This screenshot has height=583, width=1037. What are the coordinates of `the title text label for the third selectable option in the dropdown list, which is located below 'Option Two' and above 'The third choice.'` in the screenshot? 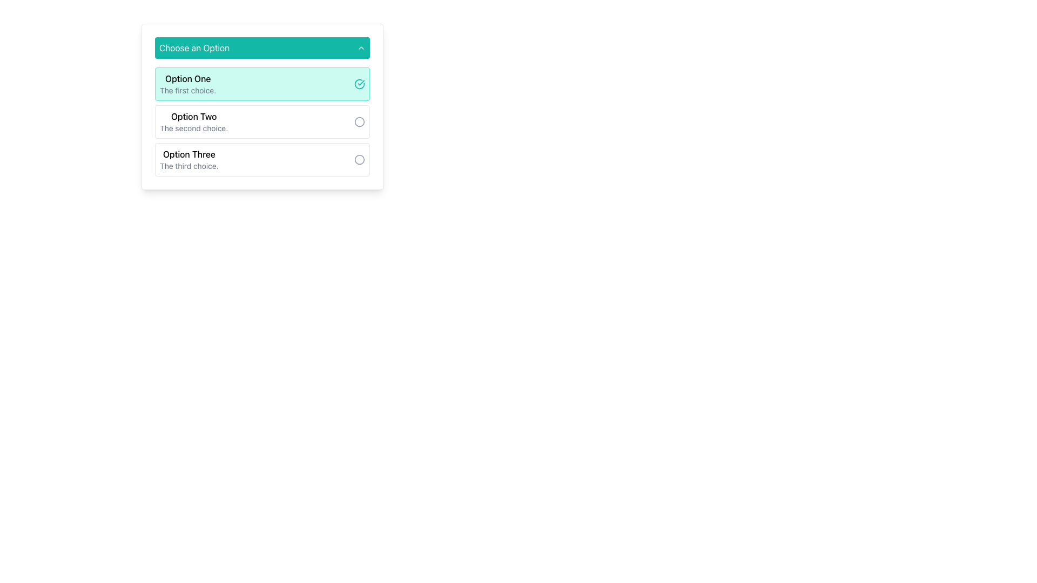 It's located at (189, 154).